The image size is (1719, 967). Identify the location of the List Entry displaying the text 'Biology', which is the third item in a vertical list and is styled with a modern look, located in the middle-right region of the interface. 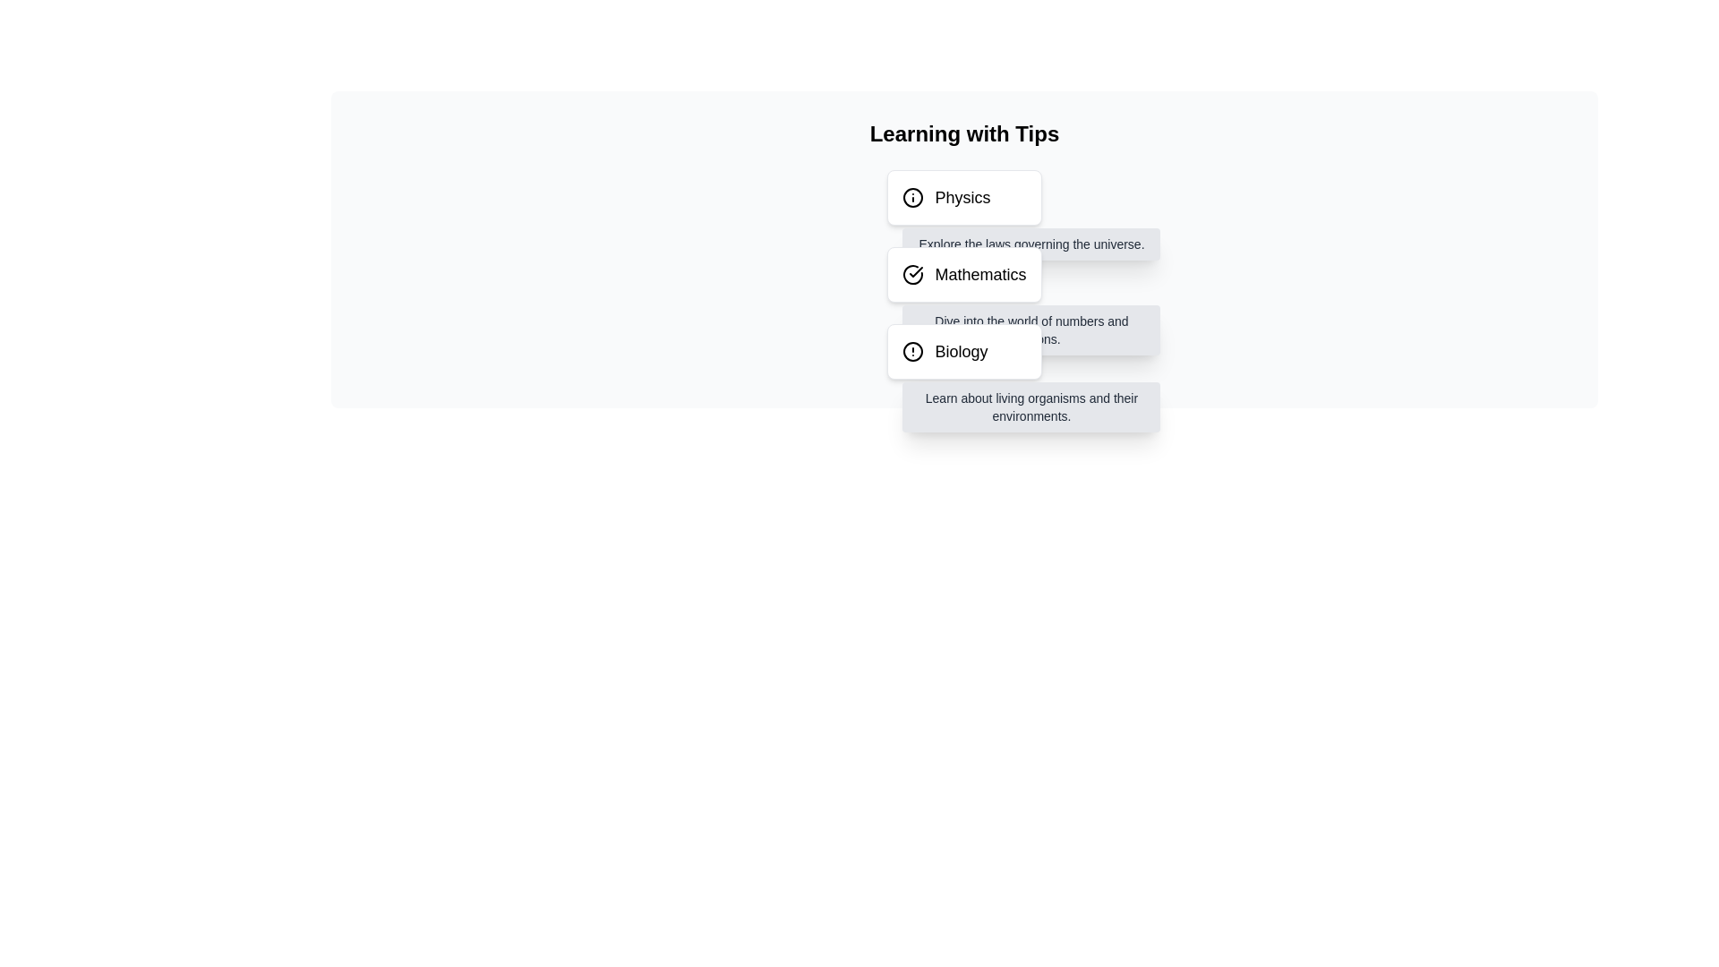
(963, 352).